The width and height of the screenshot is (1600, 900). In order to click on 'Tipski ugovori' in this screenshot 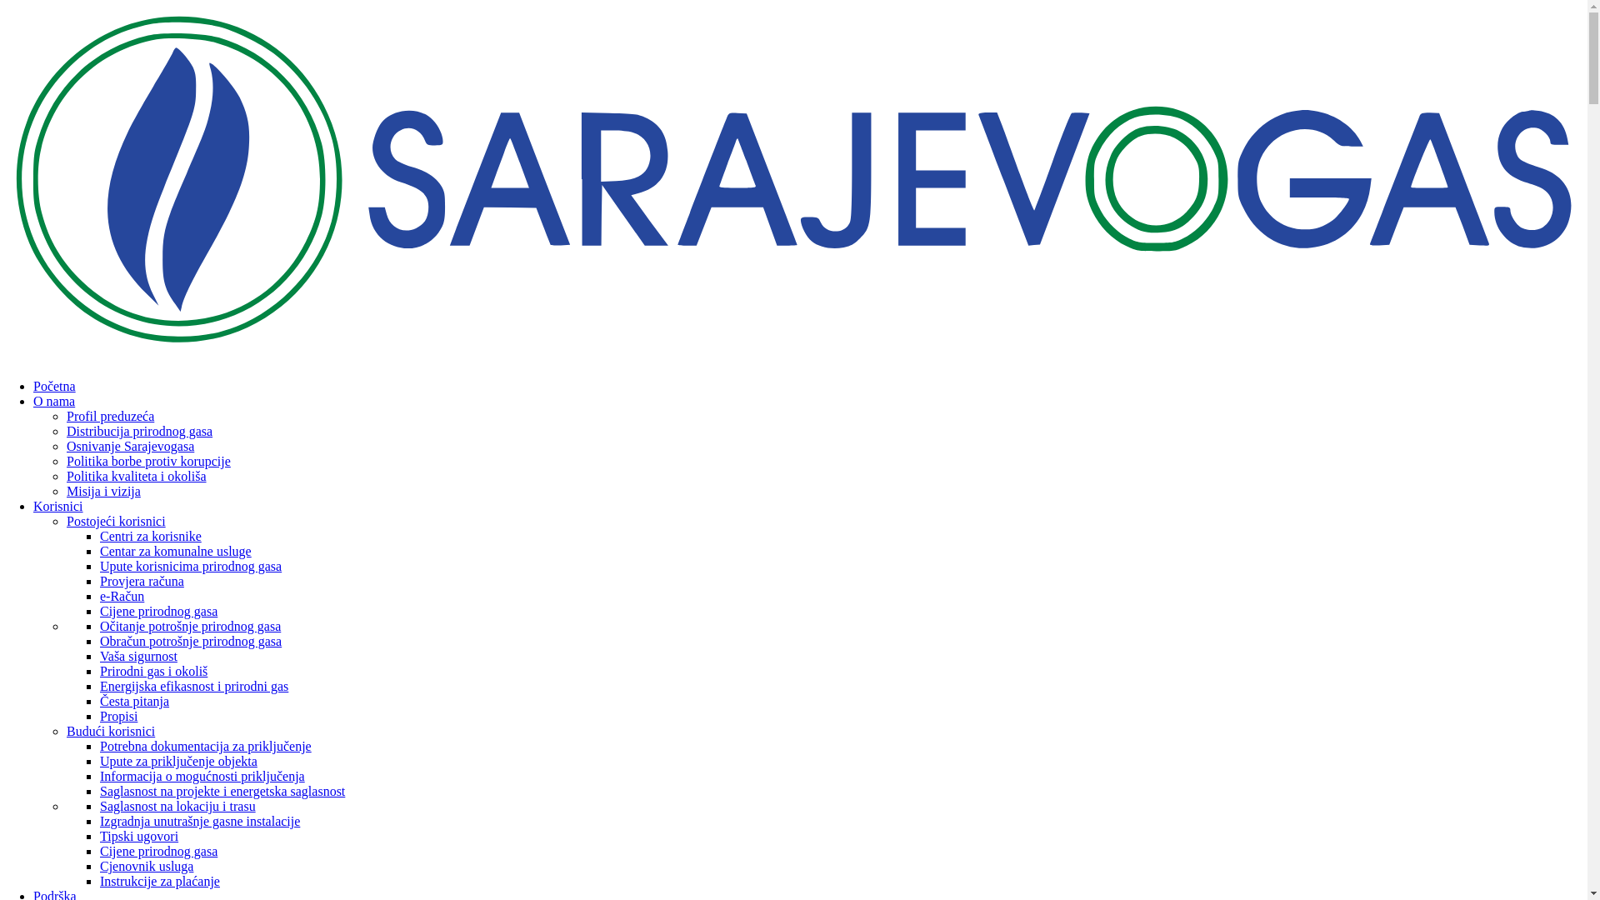, I will do `click(139, 836)`.